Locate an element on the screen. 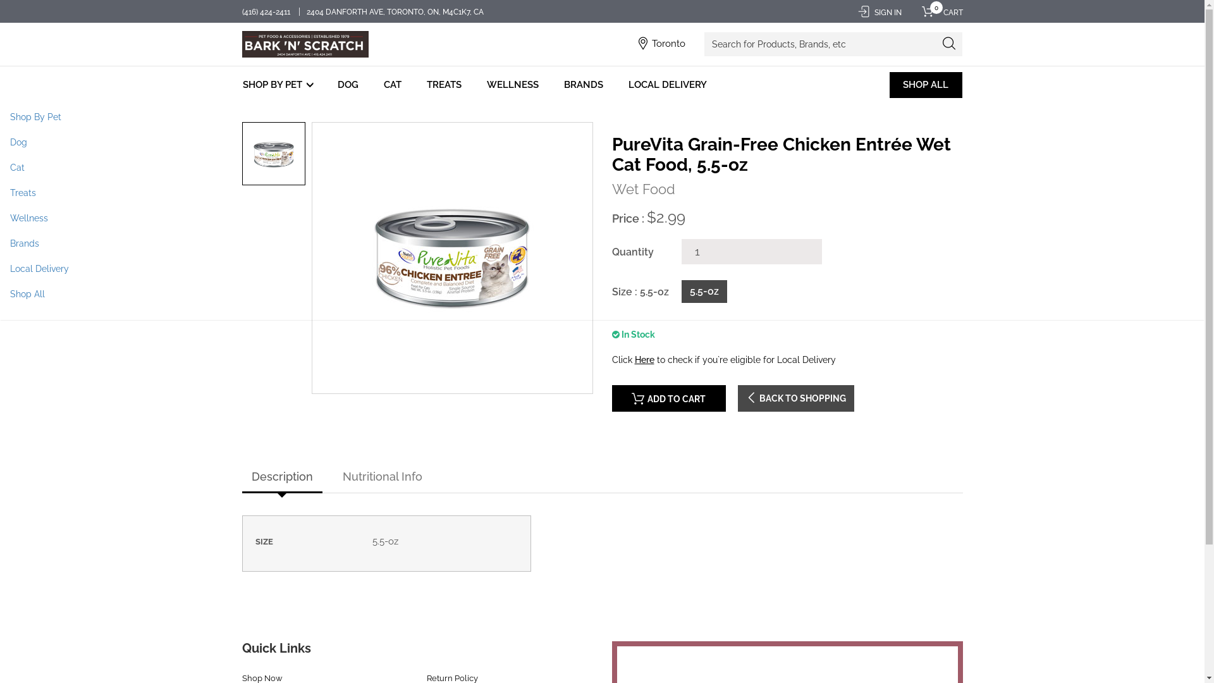 The height and width of the screenshot is (683, 1214). 'BACK TO SHOPPING' is located at coordinates (794, 397).